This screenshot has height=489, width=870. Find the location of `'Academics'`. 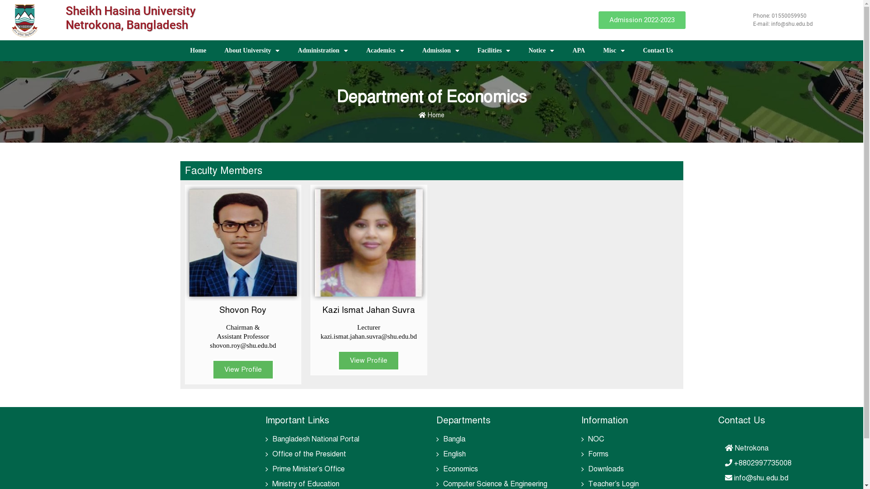

'Academics' is located at coordinates (385, 50).